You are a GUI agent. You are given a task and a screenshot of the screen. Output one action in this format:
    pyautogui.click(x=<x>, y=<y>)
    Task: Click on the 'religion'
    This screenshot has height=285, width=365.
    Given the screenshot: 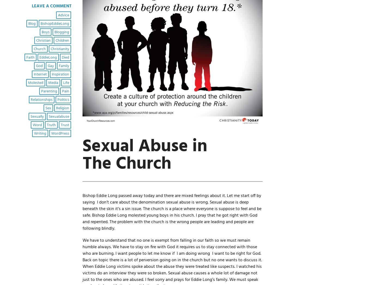 What is the action you would take?
    pyautogui.click(x=62, y=108)
    